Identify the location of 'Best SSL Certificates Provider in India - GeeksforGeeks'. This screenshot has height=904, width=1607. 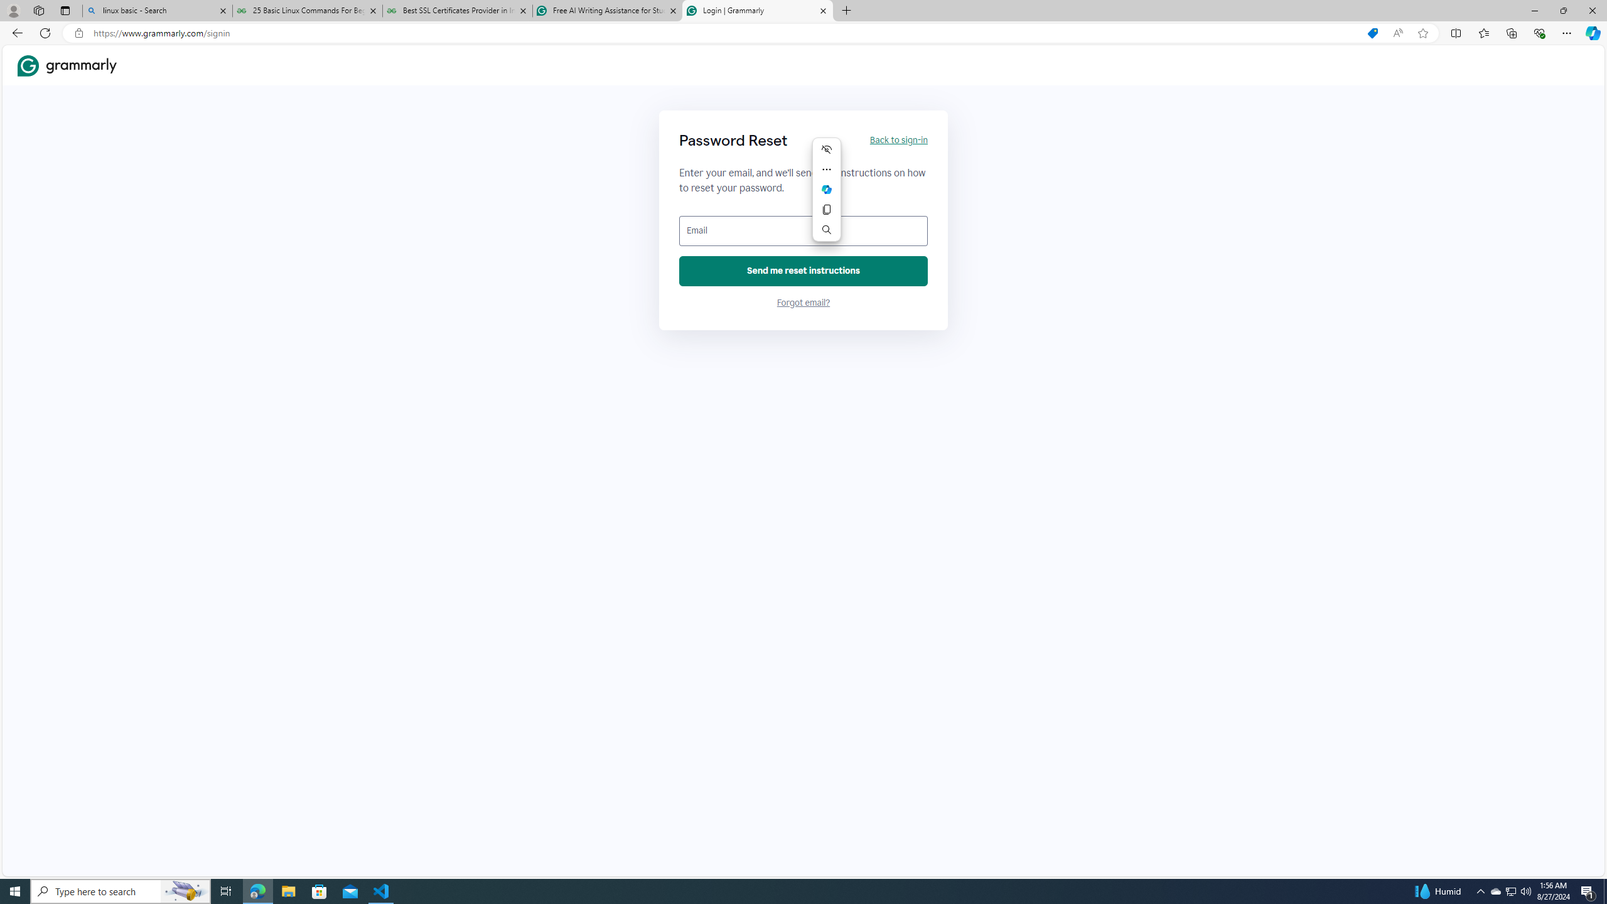
(458, 10).